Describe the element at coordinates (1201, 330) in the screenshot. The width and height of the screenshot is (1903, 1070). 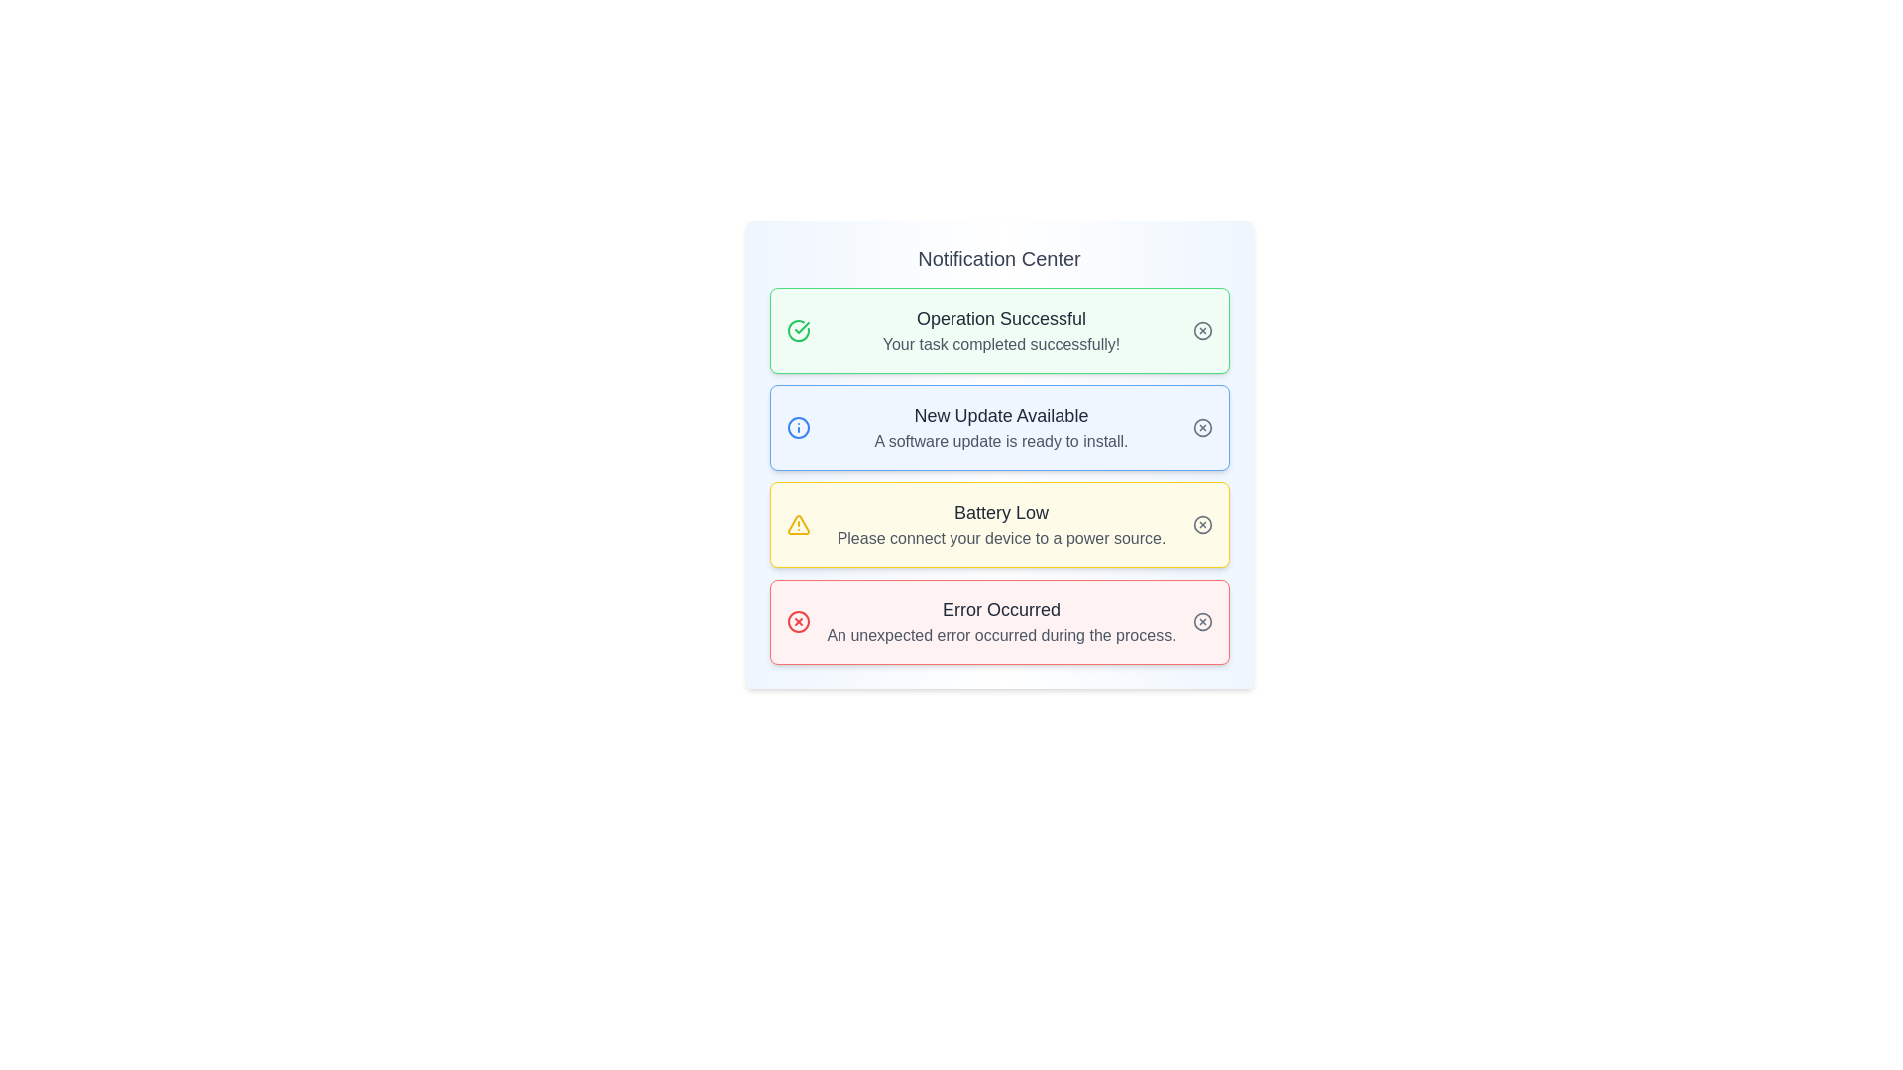
I see `the close button located in the upper-right corner of the 'Operation Successful' notification` at that location.